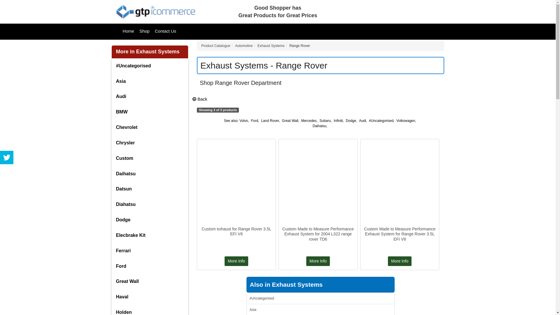 The image size is (560, 315). Describe the element at coordinates (150, 127) in the screenshot. I see `'Chevrolet'` at that location.